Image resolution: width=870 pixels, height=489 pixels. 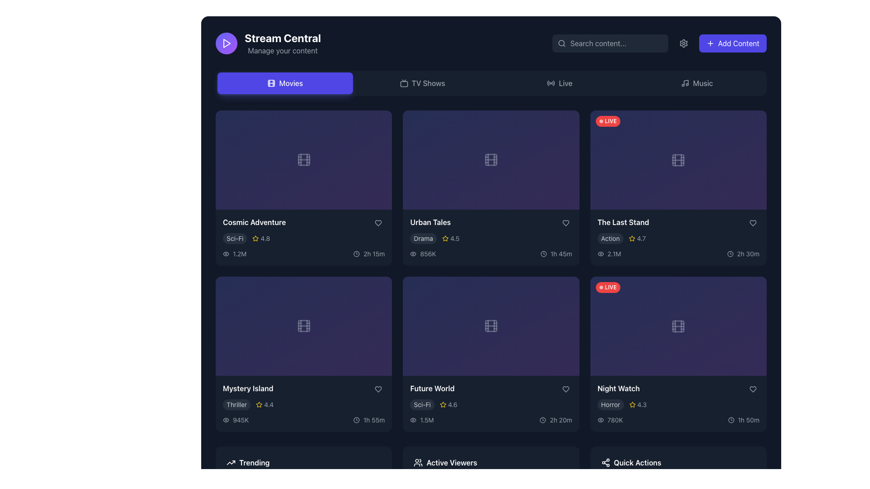 I want to click on the yellow star icon representing the rating system located in the 'Mystery Island' card layout, so click(x=259, y=404).